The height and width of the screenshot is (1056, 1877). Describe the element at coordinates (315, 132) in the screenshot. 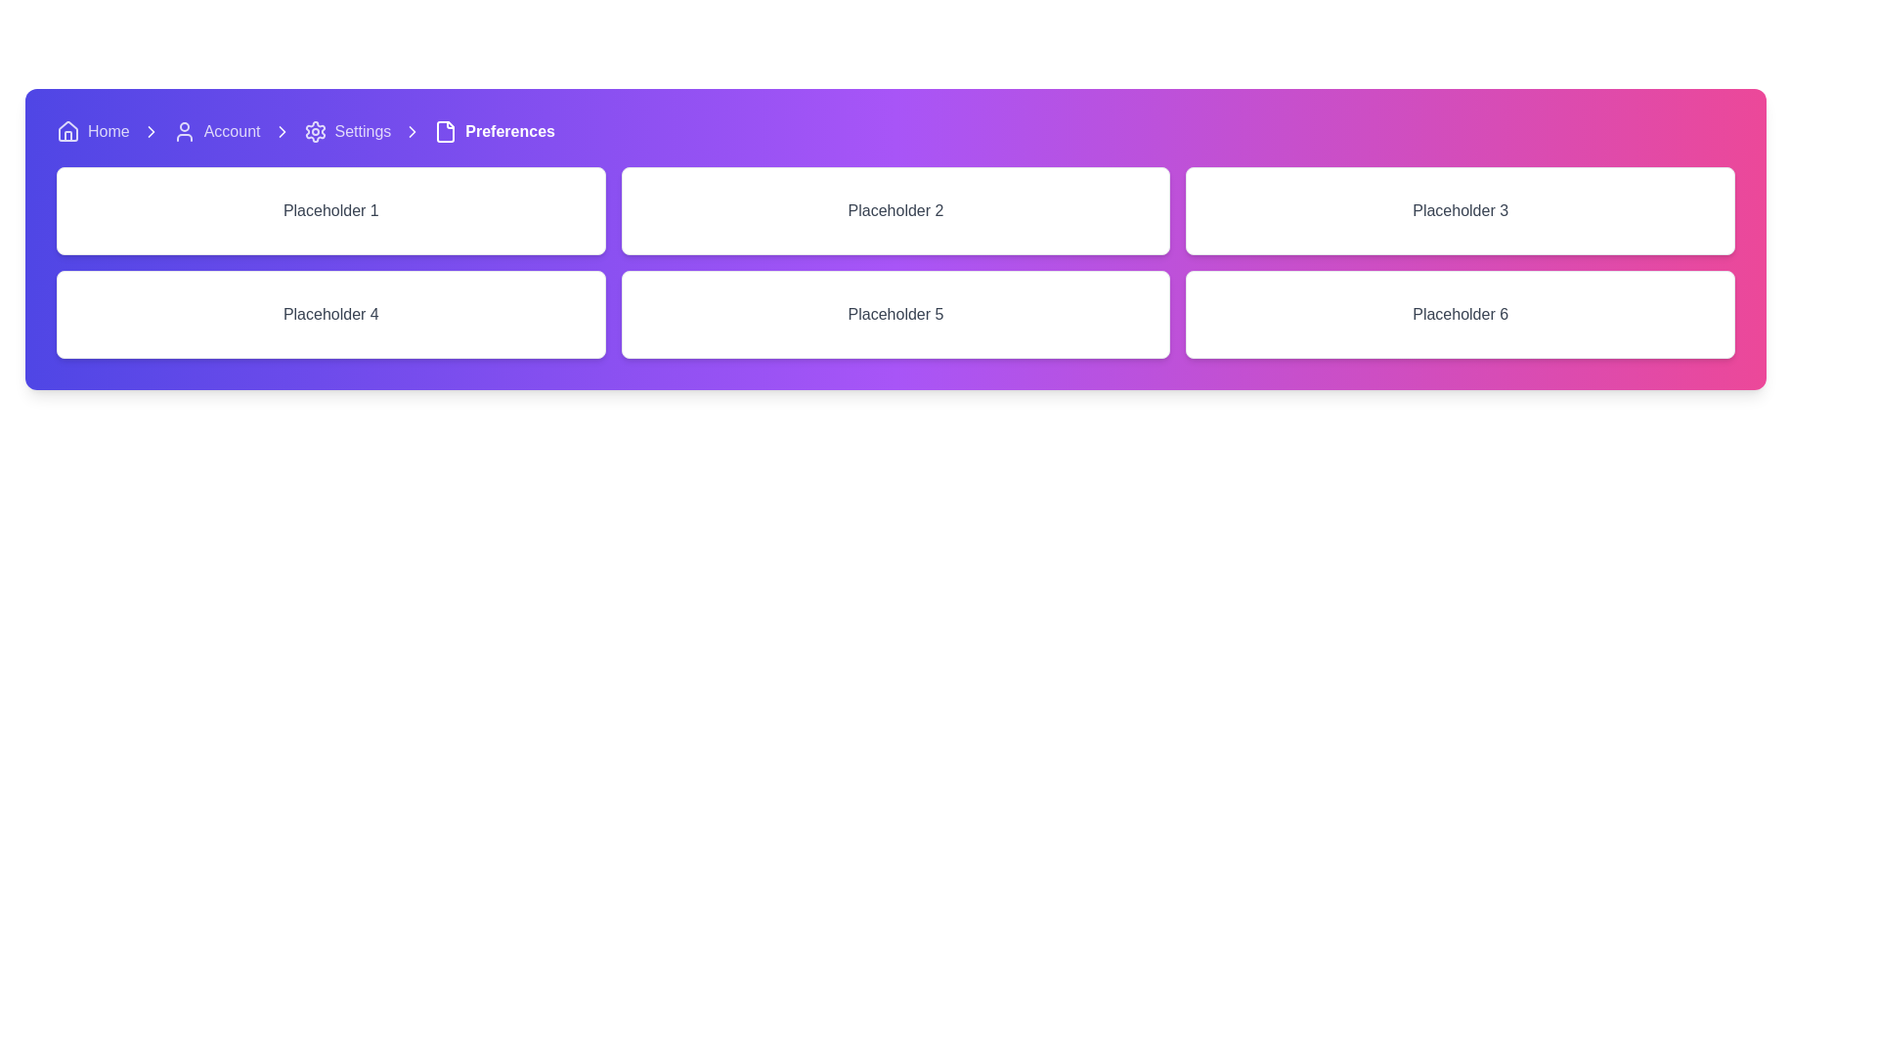

I see `the settings icon located centrally in the breadcrumb trail` at that location.